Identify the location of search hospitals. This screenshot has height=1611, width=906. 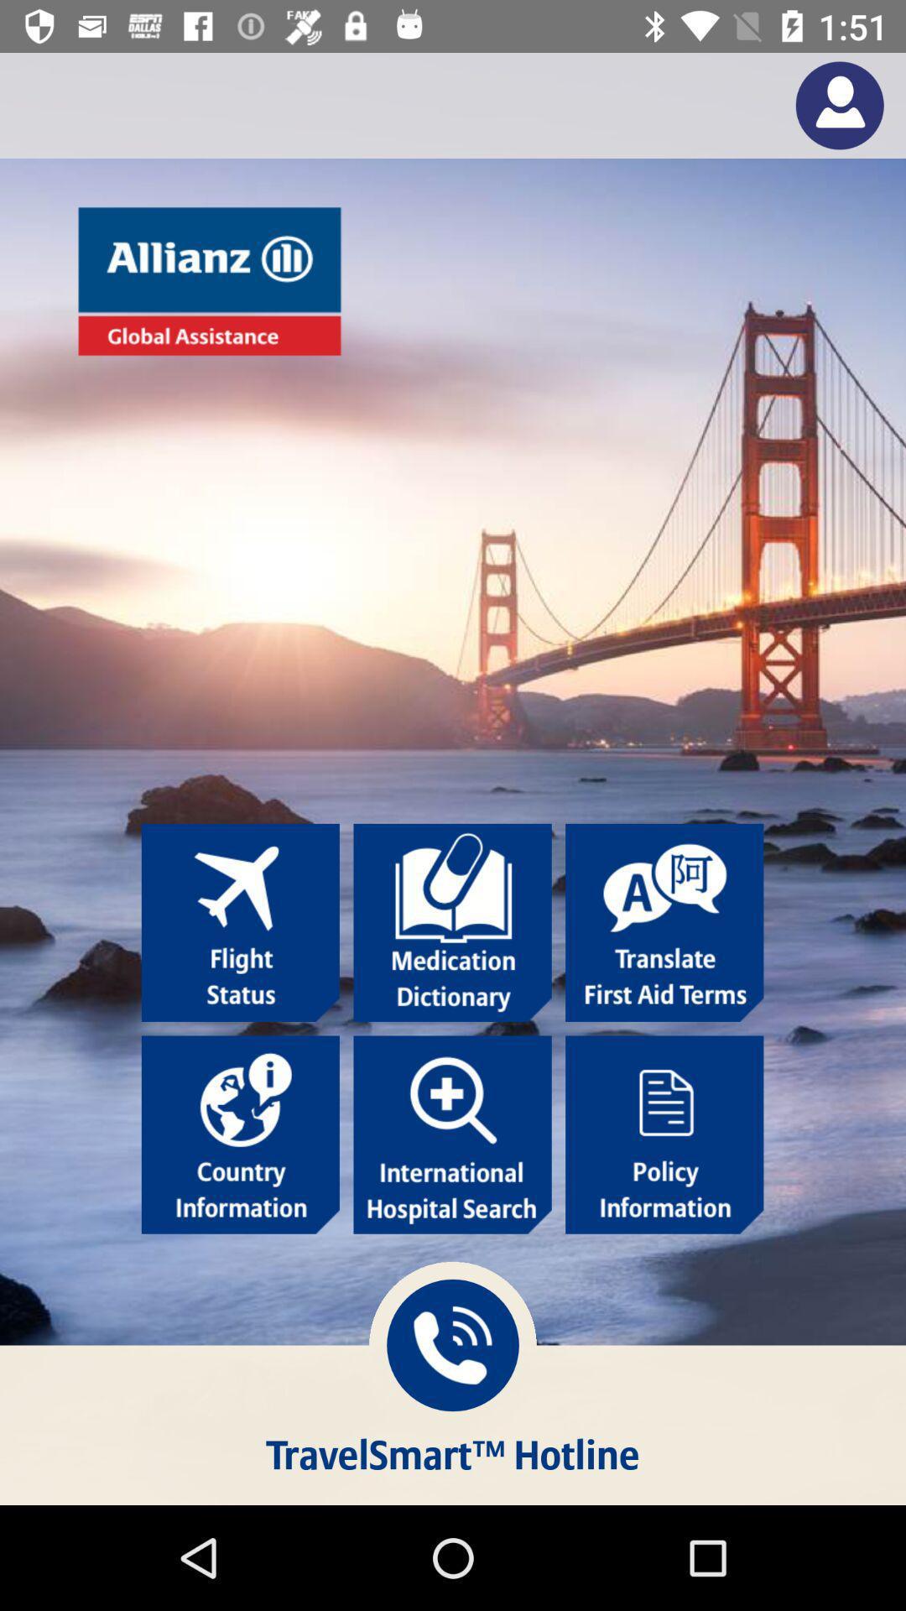
(451, 1134).